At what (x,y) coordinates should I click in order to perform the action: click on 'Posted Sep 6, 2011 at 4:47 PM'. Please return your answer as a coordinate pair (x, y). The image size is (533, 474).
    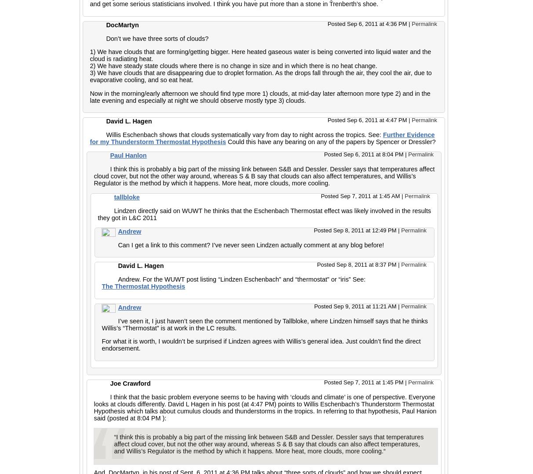
    Looking at the image, I should click on (327, 119).